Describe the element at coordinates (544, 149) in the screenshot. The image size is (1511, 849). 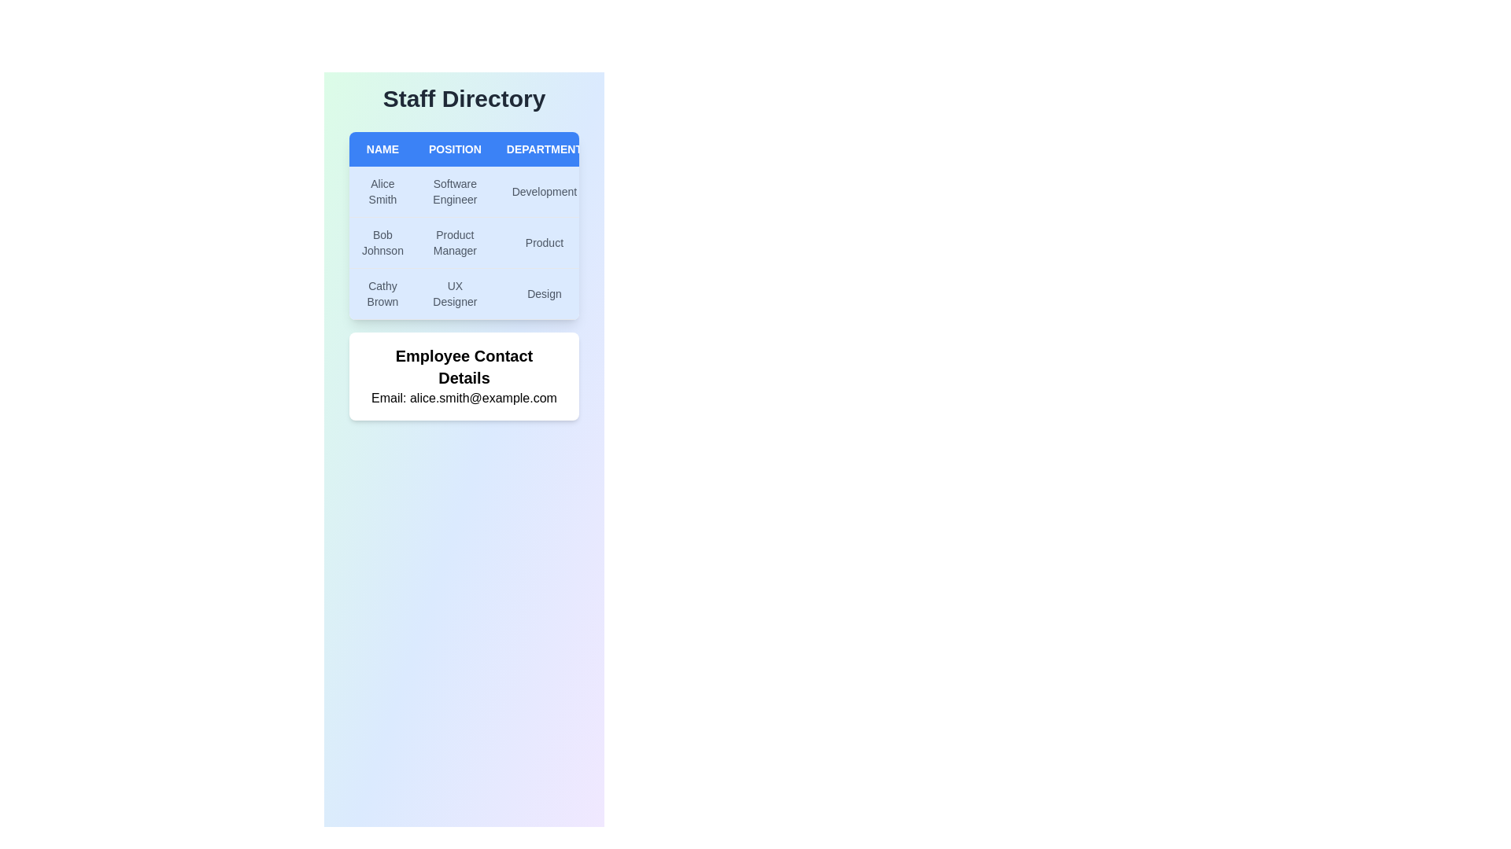
I see `the 'Department' column header` at that location.